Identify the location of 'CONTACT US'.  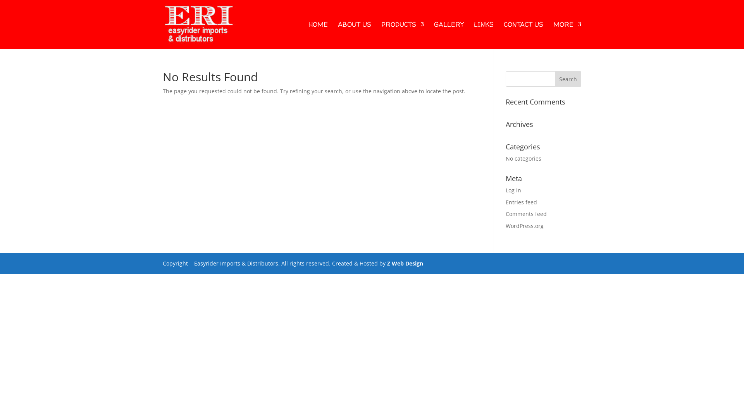
(523, 35).